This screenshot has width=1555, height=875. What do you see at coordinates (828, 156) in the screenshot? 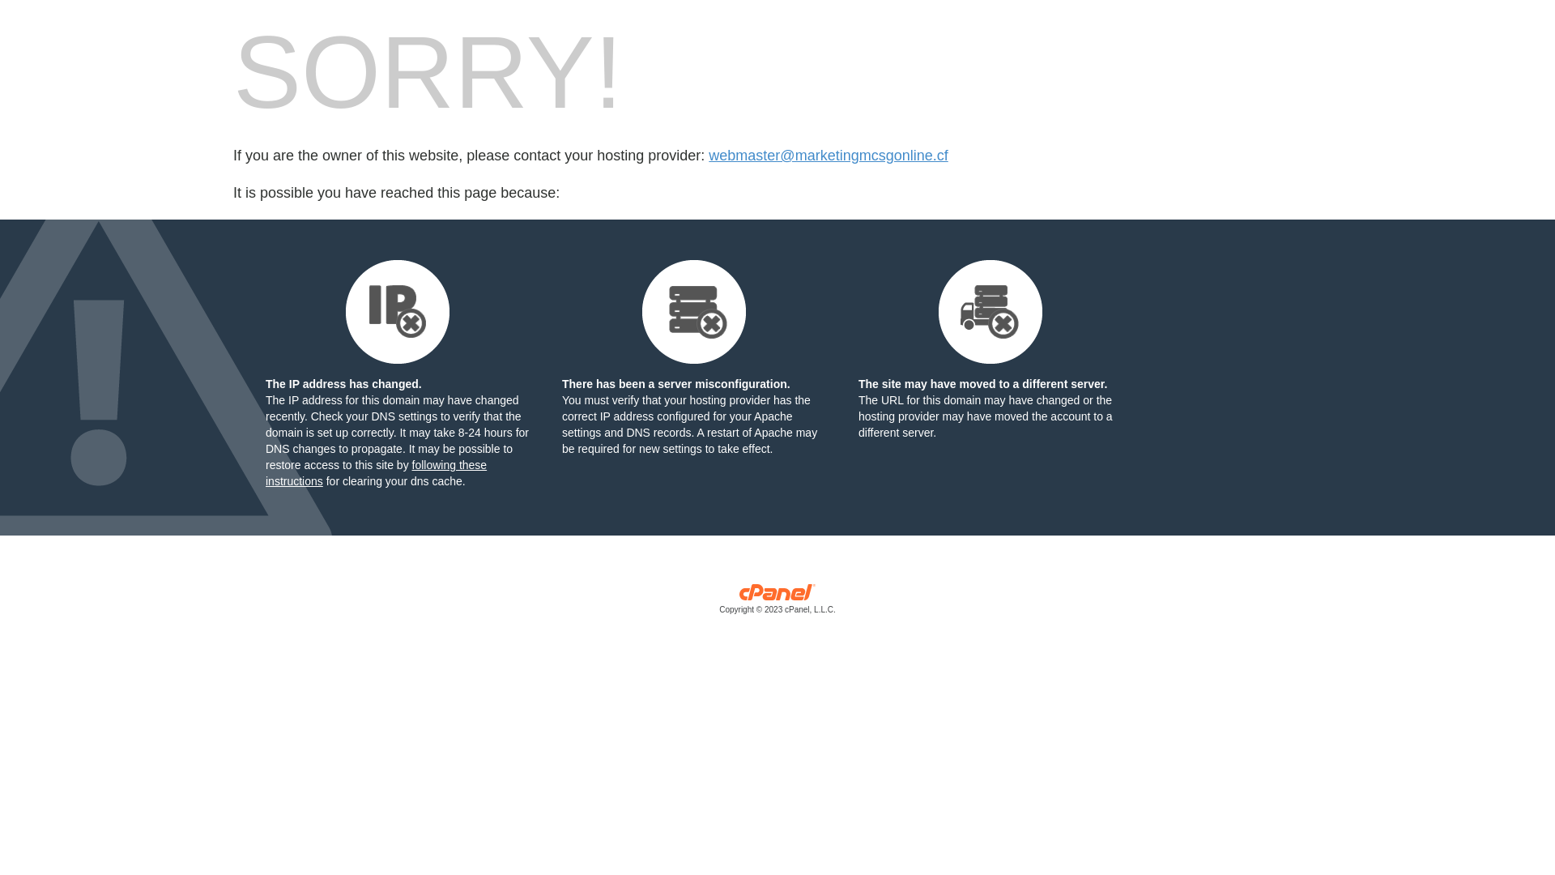
I see `'webmaster@marketingmcsgonline.cf'` at bounding box center [828, 156].